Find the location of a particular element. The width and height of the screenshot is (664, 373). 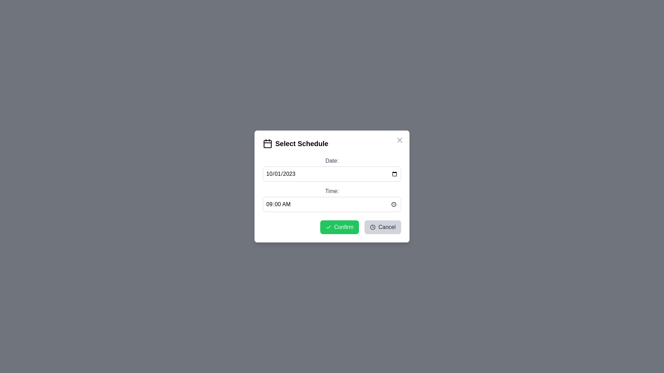

the dialog's background overlay to close the dialog is located at coordinates (332, 186).